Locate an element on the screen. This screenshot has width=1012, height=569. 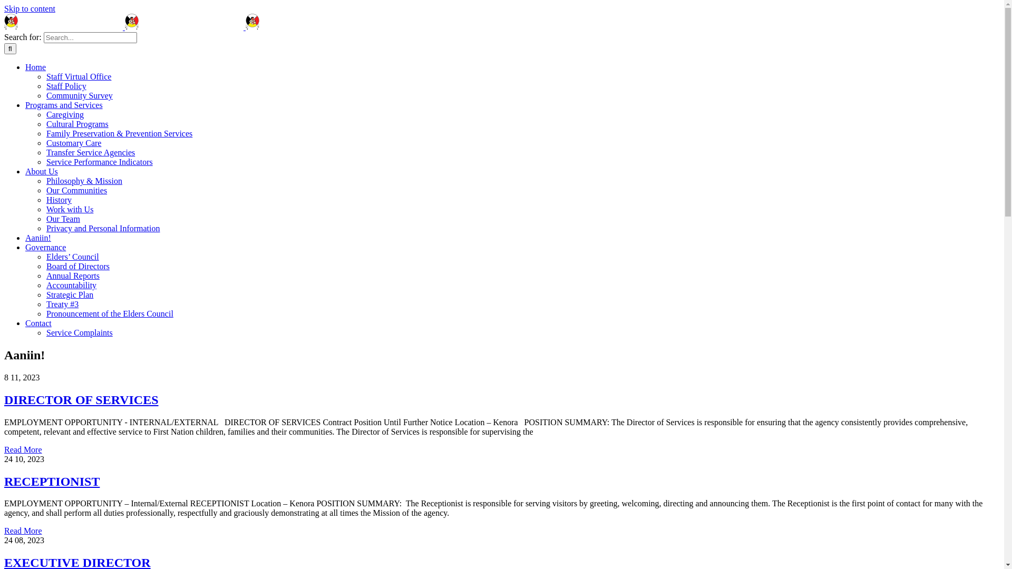
'Our Communities' is located at coordinates (76, 190).